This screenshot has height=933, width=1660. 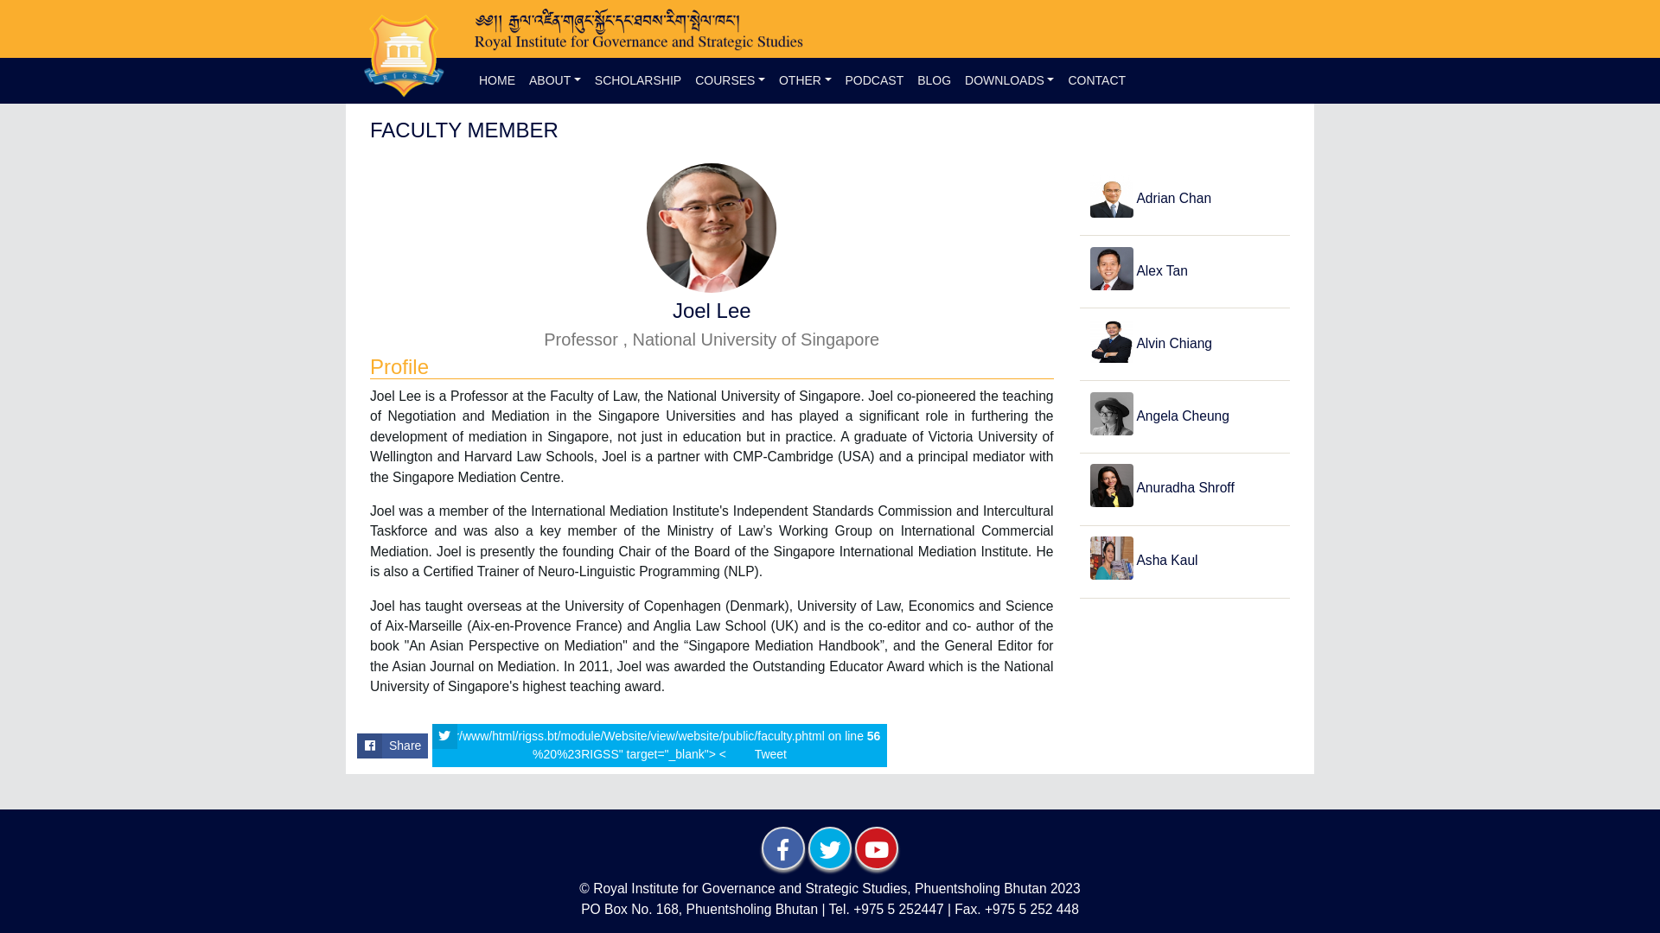 I want to click on 'BLOG', so click(x=933, y=80).